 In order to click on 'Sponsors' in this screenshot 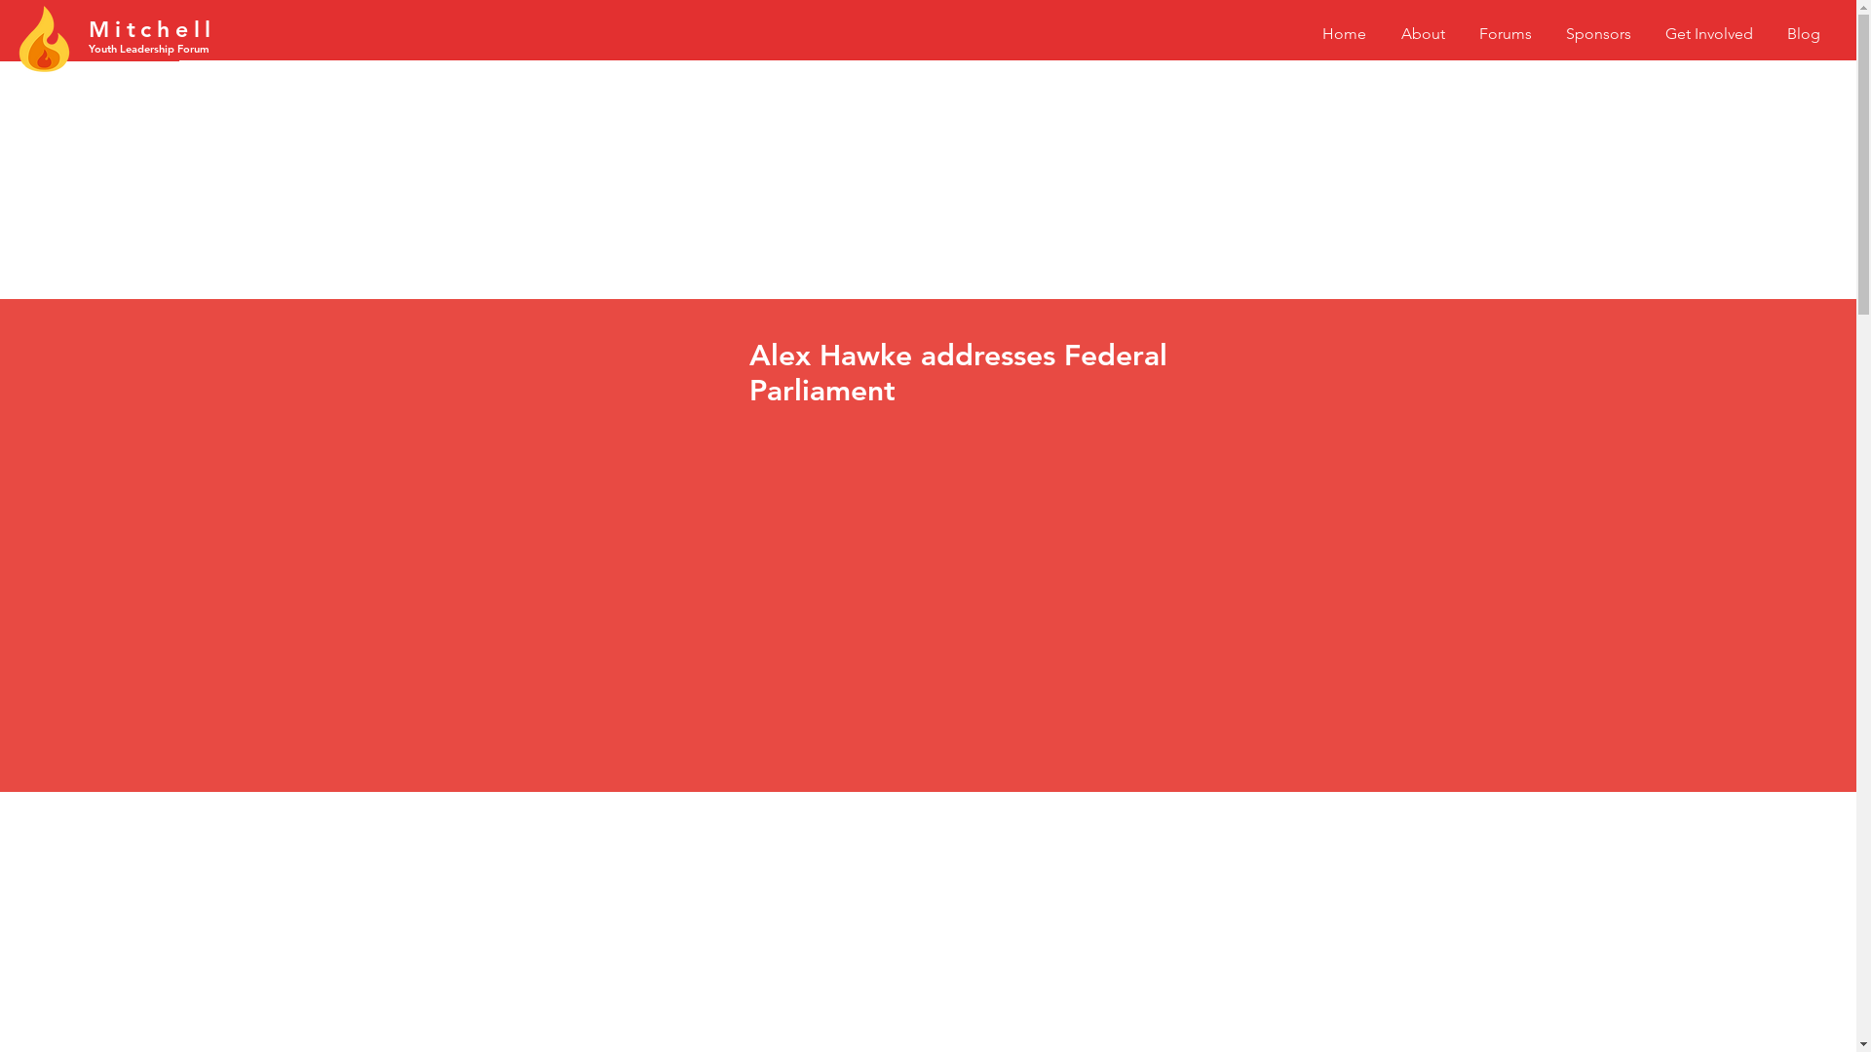, I will do `click(1598, 33)`.